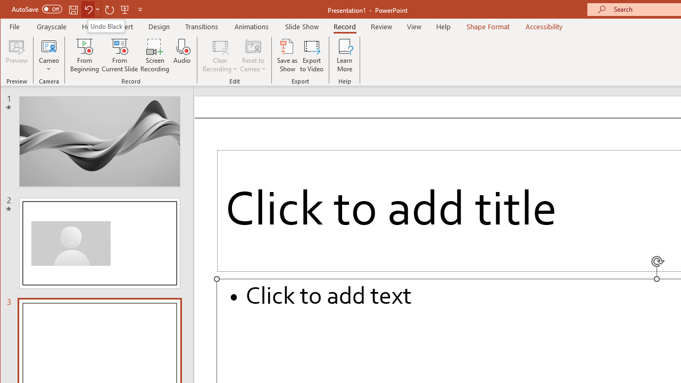  Describe the element at coordinates (99, 243) in the screenshot. I see `'Slide'` at that location.